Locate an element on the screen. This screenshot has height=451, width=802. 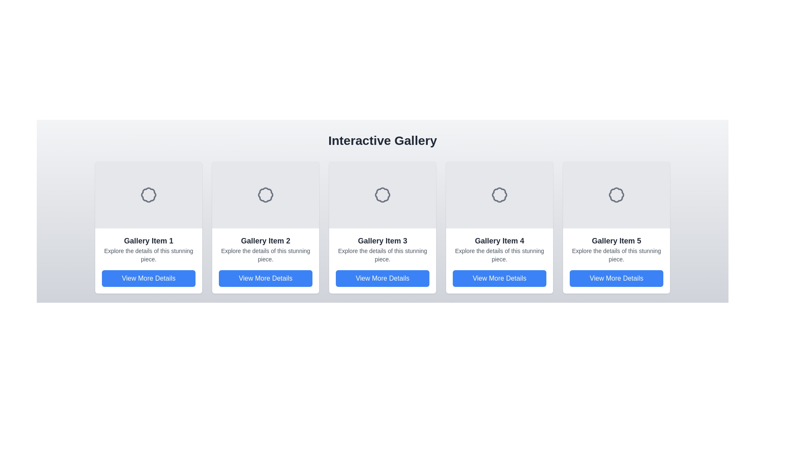
the rectangular button with a blue background and white text reading 'View More Details' located in the fourth gallery item card is located at coordinates (499, 279).